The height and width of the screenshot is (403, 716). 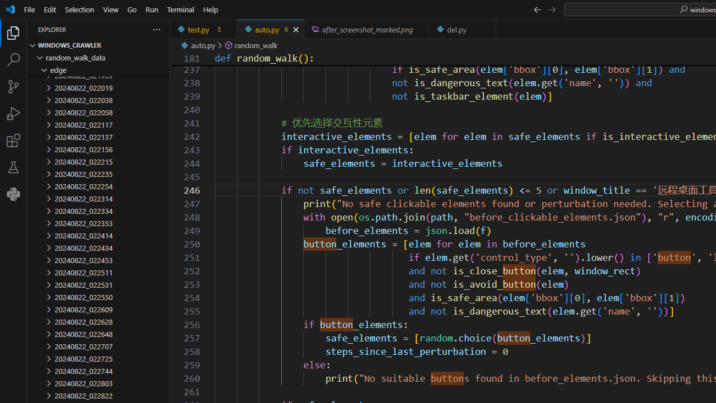 What do you see at coordinates (488, 29) in the screenshot?
I see `'Close (Ctrl+F4)'` at bounding box center [488, 29].